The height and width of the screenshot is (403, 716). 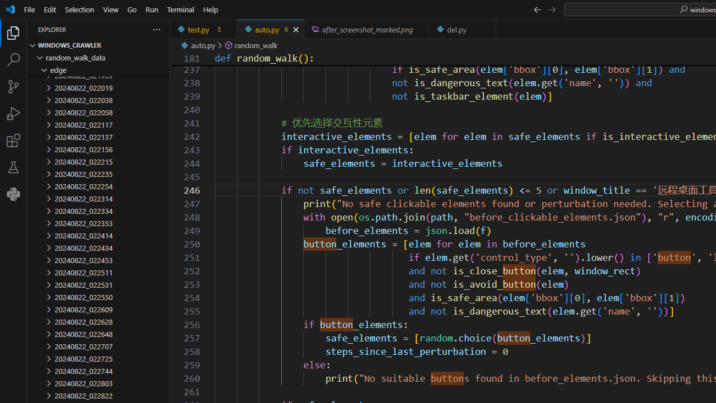 What do you see at coordinates (488, 29) in the screenshot?
I see `'Close (Ctrl+F4)'` at bounding box center [488, 29].